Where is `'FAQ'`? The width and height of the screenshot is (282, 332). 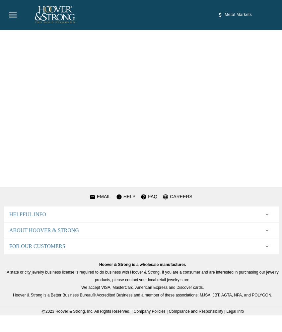
'FAQ' is located at coordinates (151, 196).